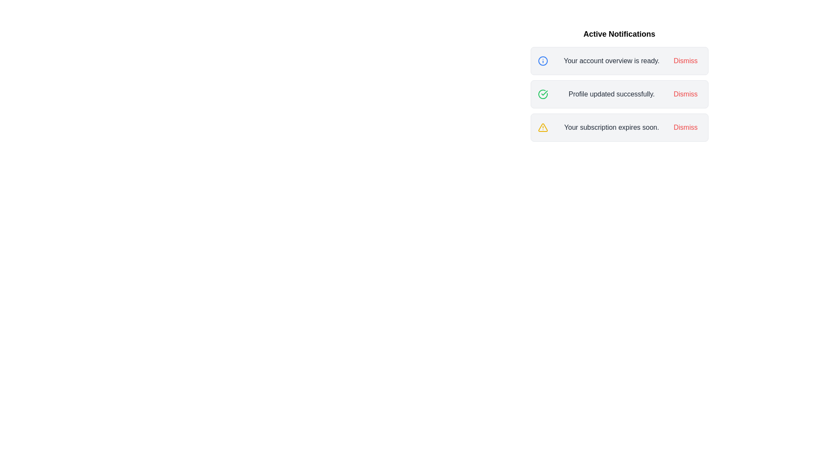  Describe the element at coordinates (611, 94) in the screenshot. I see `the text of the notification with message 'Profile updated successfully.'` at that location.